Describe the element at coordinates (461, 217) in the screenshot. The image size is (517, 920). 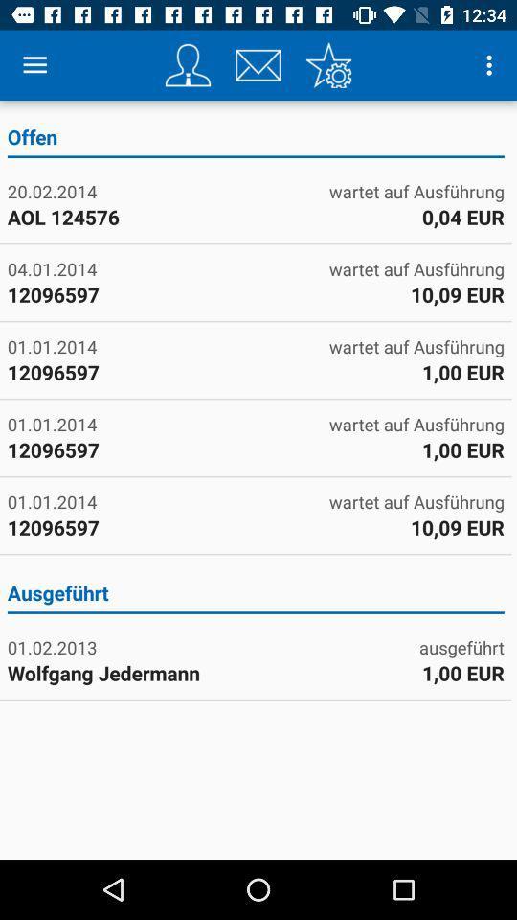
I see `the 0,04 eur` at that location.